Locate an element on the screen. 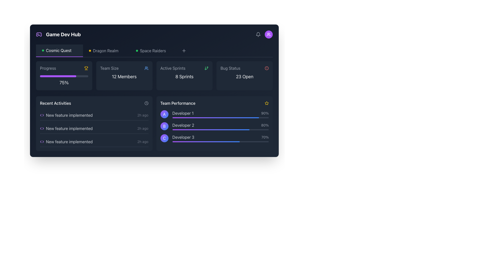 The width and height of the screenshot is (480, 270). the role of the group/team icon located in the top-right corner of the card titled 'Team Size', next to the text '12 Members' is located at coordinates (146, 68).